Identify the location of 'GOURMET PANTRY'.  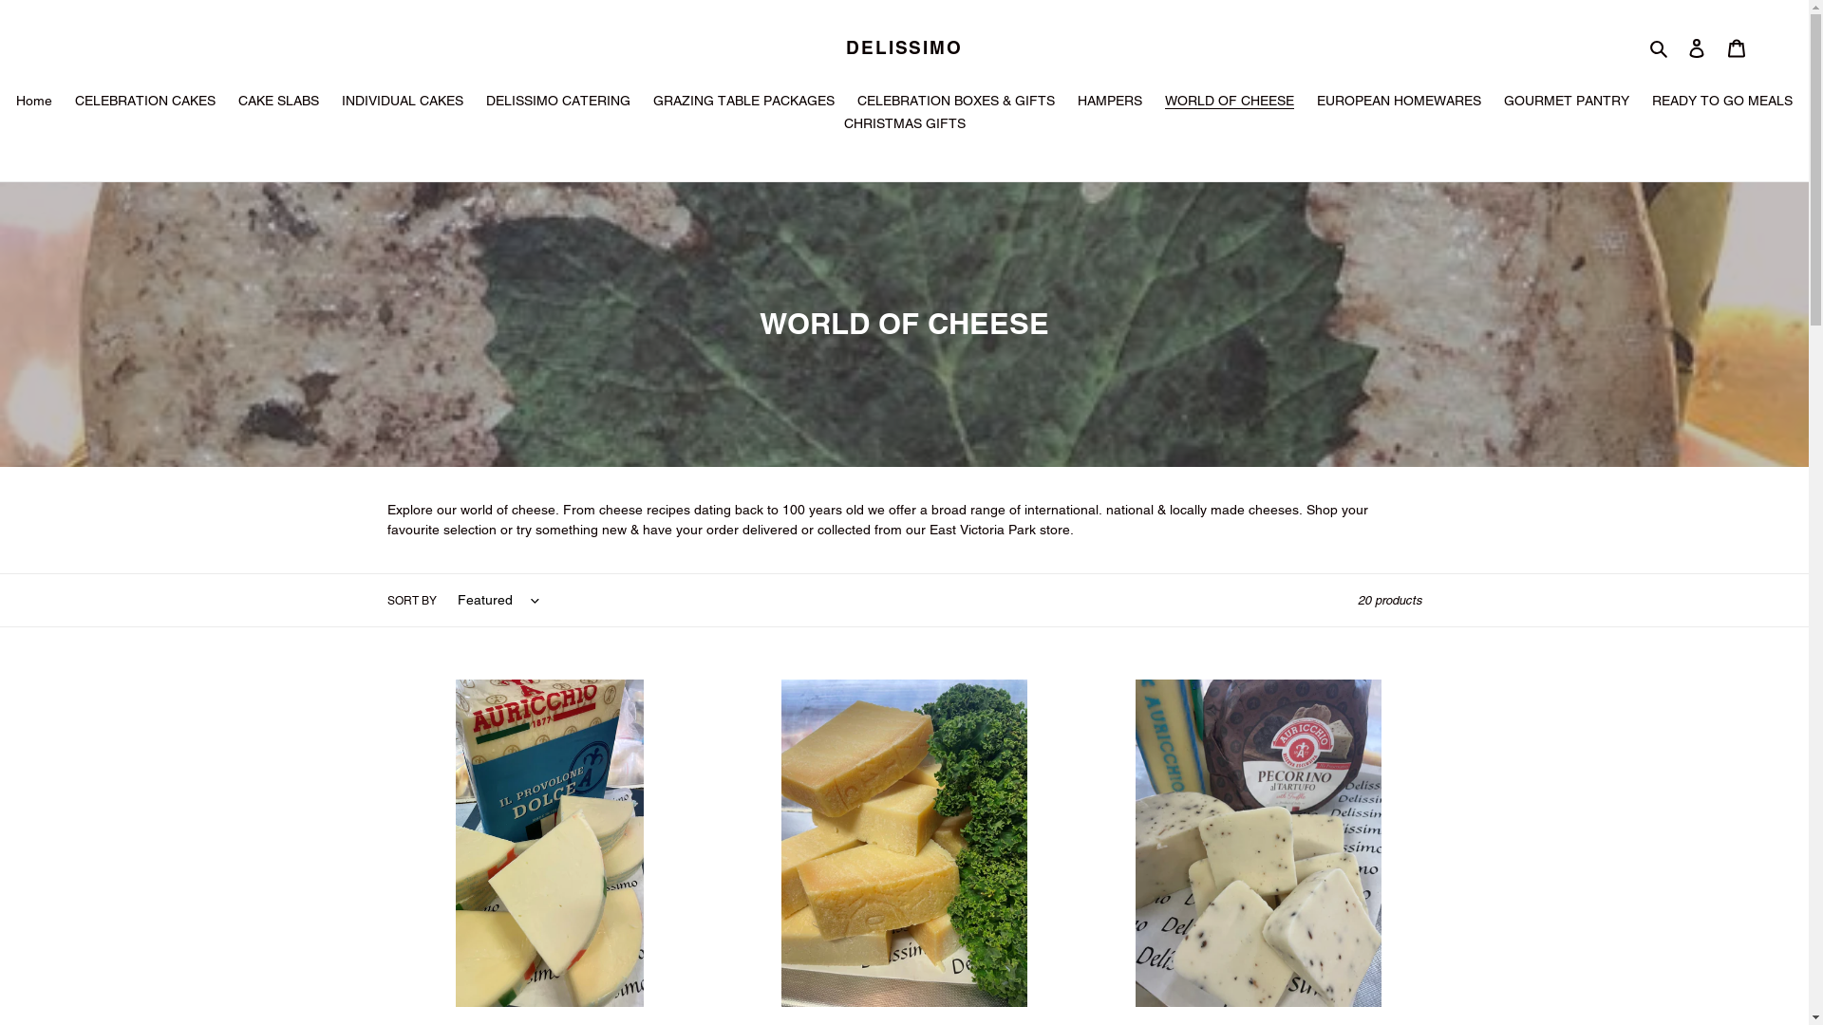
(1567, 102).